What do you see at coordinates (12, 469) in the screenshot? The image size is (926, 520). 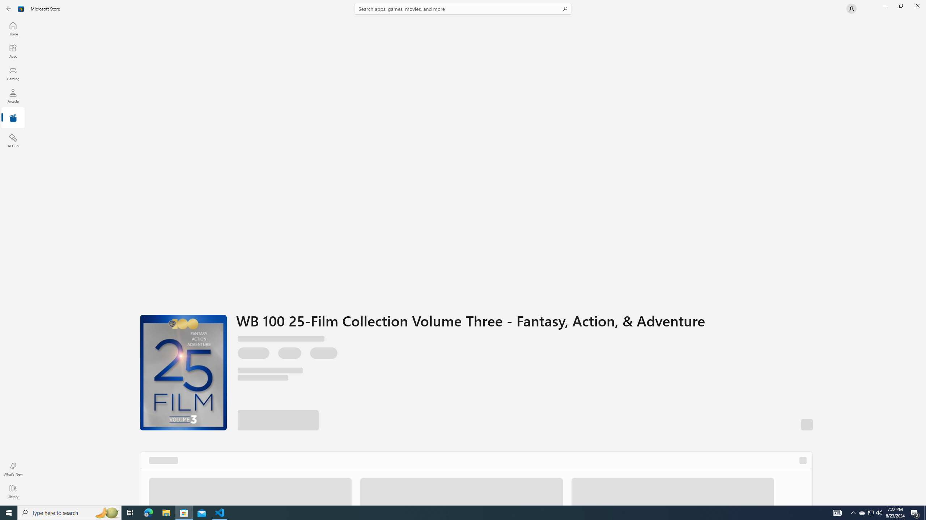 I see `'What'` at bounding box center [12, 469].